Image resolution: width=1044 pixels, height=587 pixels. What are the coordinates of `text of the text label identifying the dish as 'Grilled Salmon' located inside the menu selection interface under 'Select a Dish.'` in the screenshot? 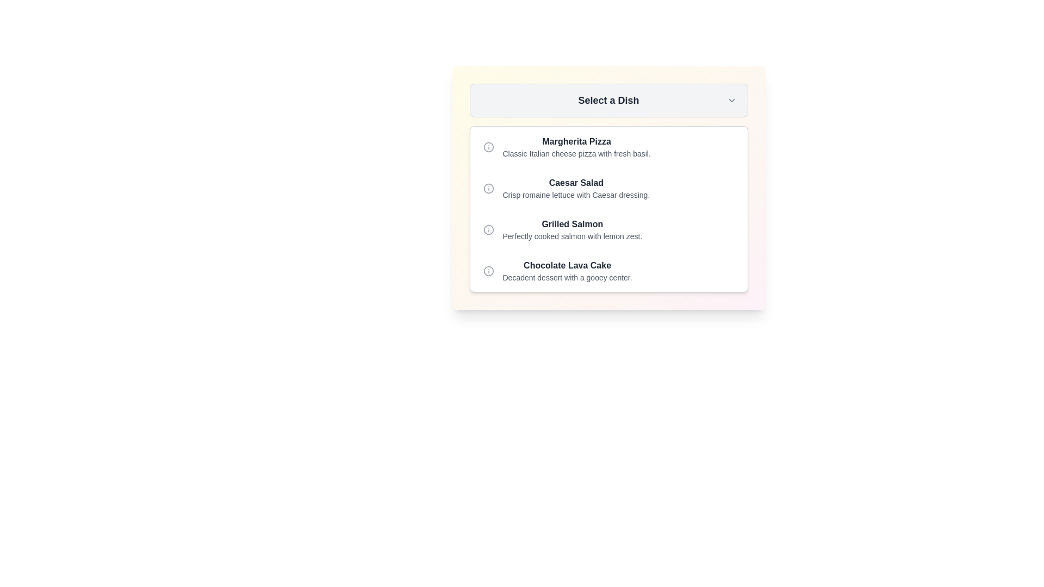 It's located at (571, 223).